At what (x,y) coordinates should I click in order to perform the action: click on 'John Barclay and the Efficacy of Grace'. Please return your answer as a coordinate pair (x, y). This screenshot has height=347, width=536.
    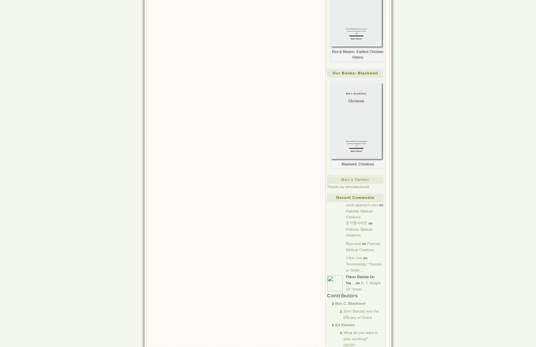
    Looking at the image, I should click on (343, 314).